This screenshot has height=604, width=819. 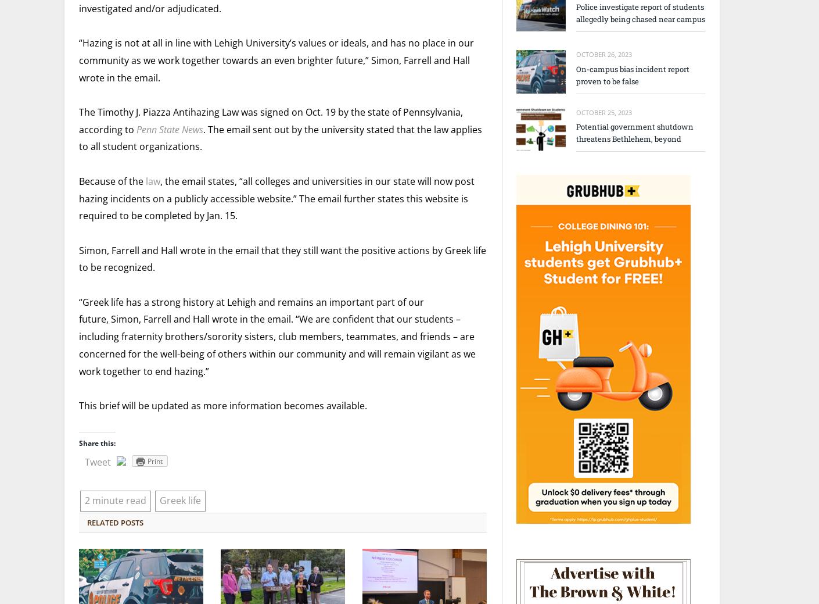 I want to click on 'Because of the', so click(x=110, y=180).